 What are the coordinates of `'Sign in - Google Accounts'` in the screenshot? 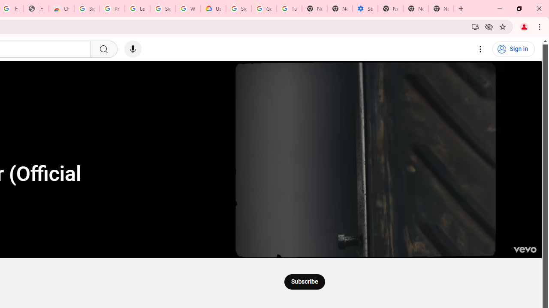 It's located at (87, 9).